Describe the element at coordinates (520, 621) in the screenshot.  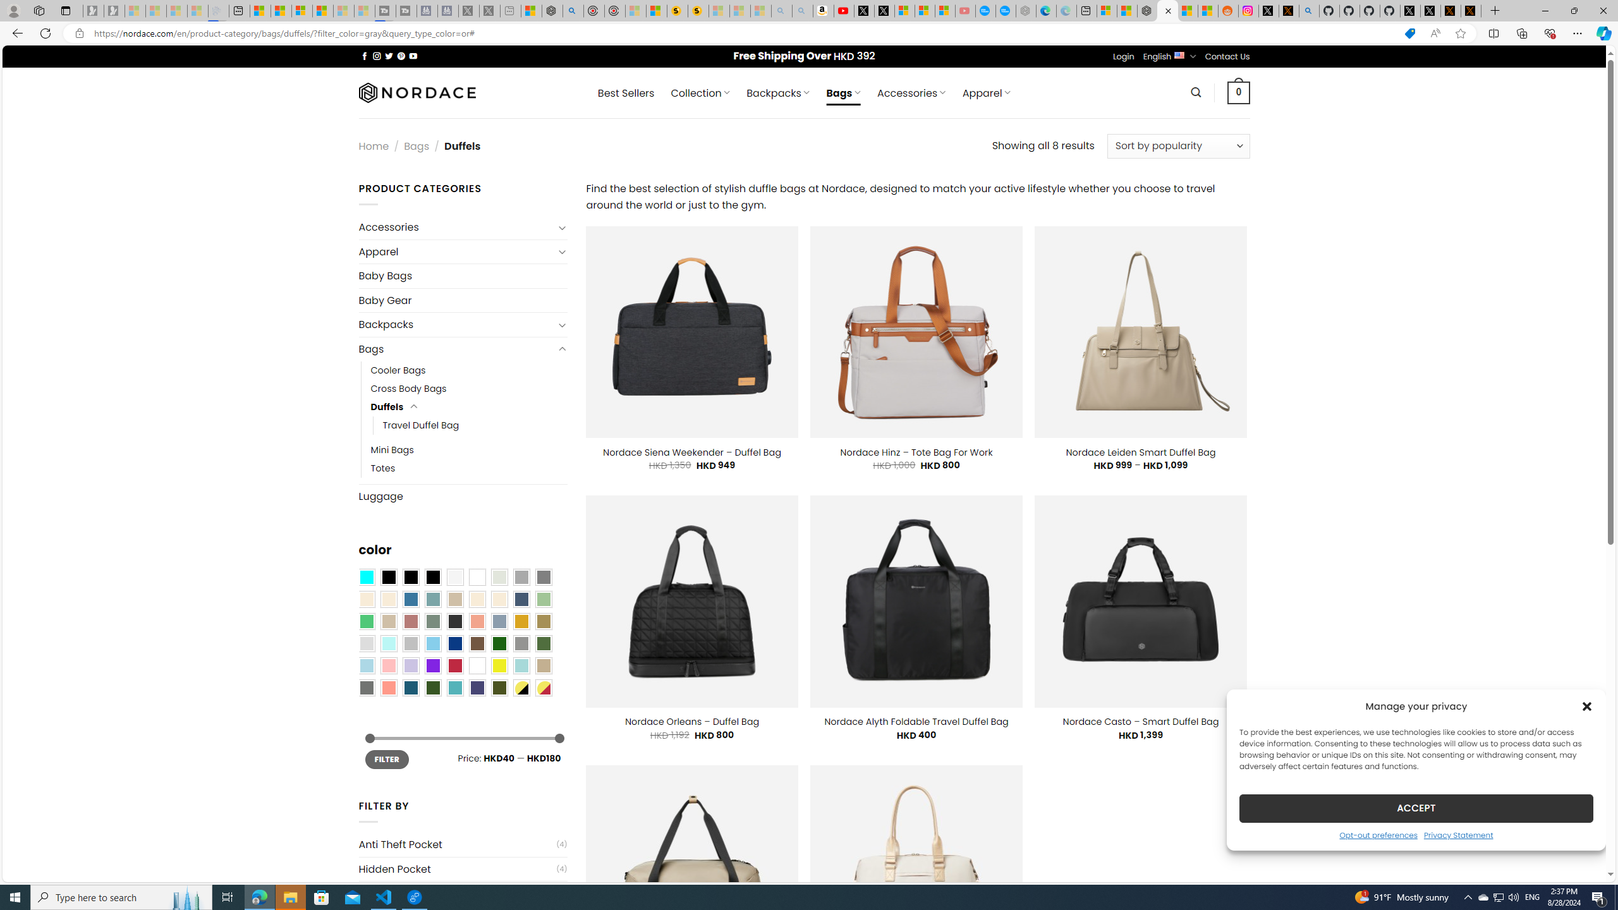
I see `'Gold'` at that location.